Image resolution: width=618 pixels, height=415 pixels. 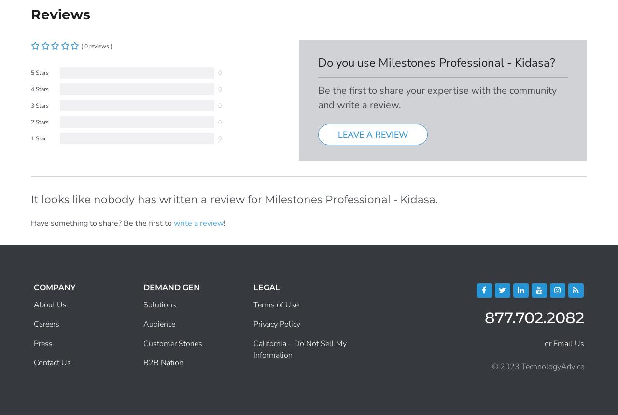 What do you see at coordinates (548, 342) in the screenshot?
I see `'or'` at bounding box center [548, 342].